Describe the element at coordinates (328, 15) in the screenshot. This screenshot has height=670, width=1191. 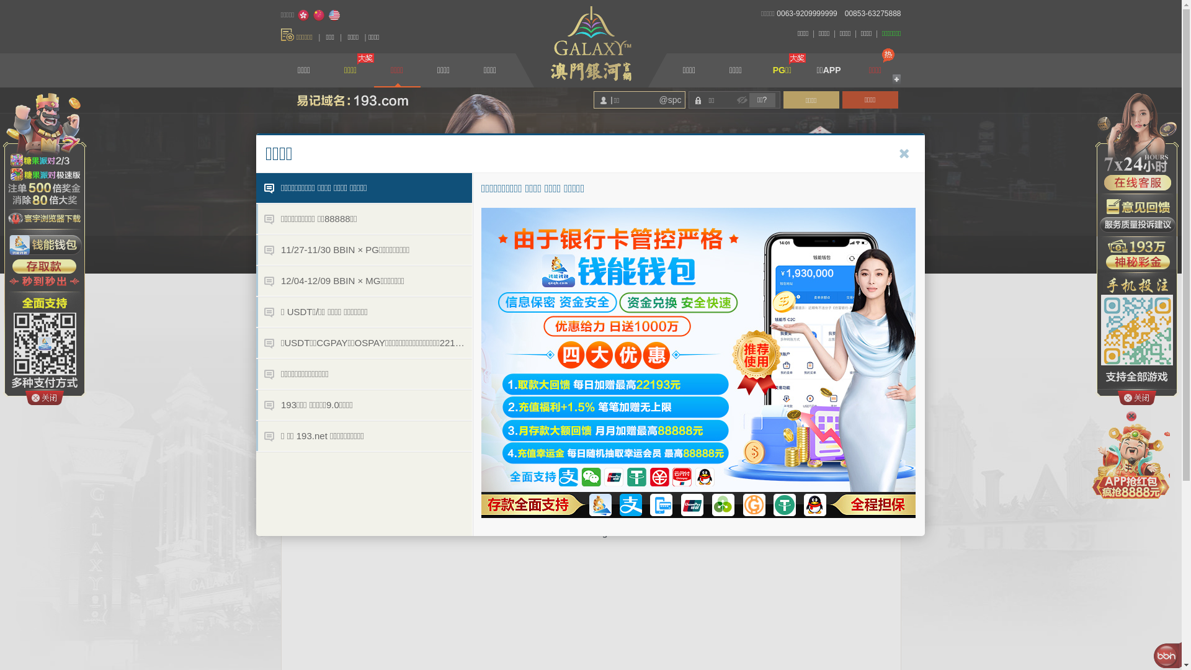
I see `'English'` at that location.